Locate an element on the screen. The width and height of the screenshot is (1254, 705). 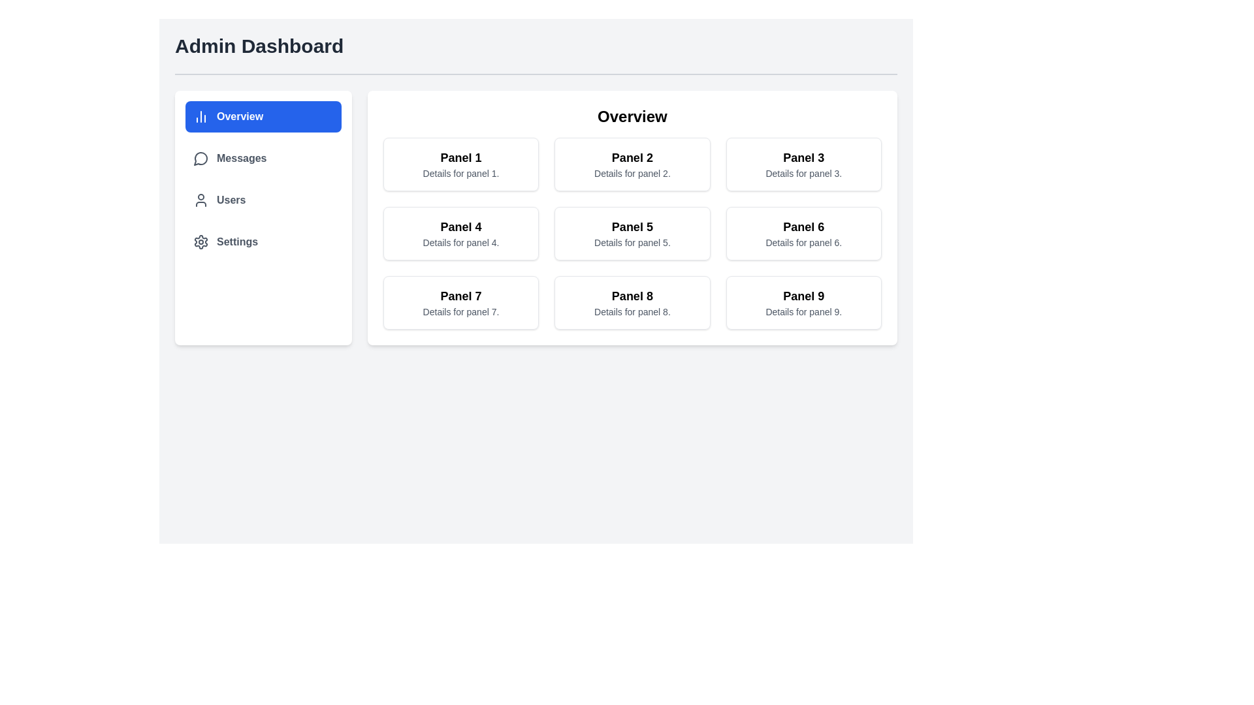
circular speech bubble icon located in the vertical navigation menu, immediately to the left of the 'Messages' text label is located at coordinates (200, 158).